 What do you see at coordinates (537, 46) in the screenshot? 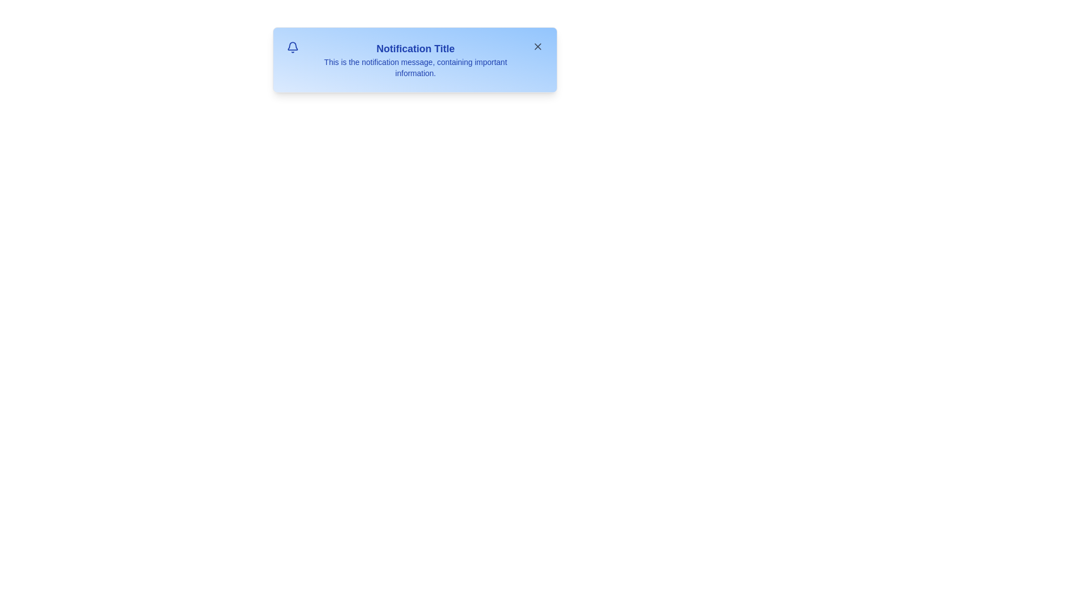
I see `the close button to hide the notification` at bounding box center [537, 46].